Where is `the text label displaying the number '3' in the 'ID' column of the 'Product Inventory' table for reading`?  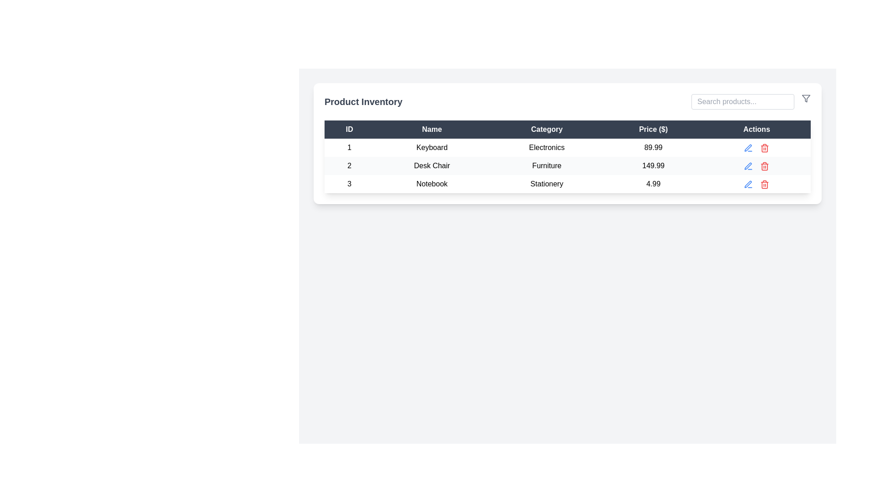
the text label displaying the number '3' in the 'ID' column of the 'Product Inventory' table for reading is located at coordinates (349, 184).